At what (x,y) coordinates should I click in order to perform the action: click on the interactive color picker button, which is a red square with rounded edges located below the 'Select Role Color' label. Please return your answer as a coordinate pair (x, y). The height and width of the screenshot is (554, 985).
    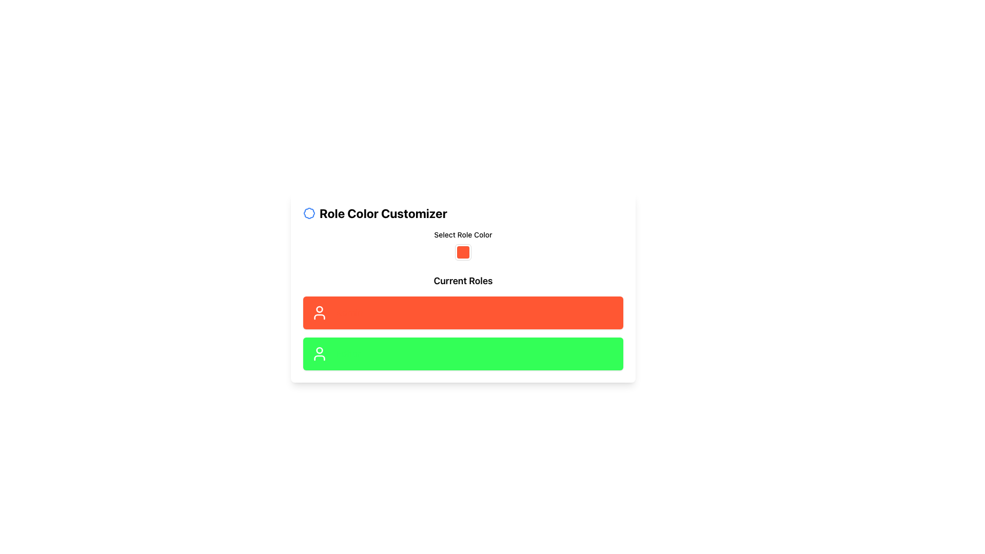
    Looking at the image, I should click on (462, 245).